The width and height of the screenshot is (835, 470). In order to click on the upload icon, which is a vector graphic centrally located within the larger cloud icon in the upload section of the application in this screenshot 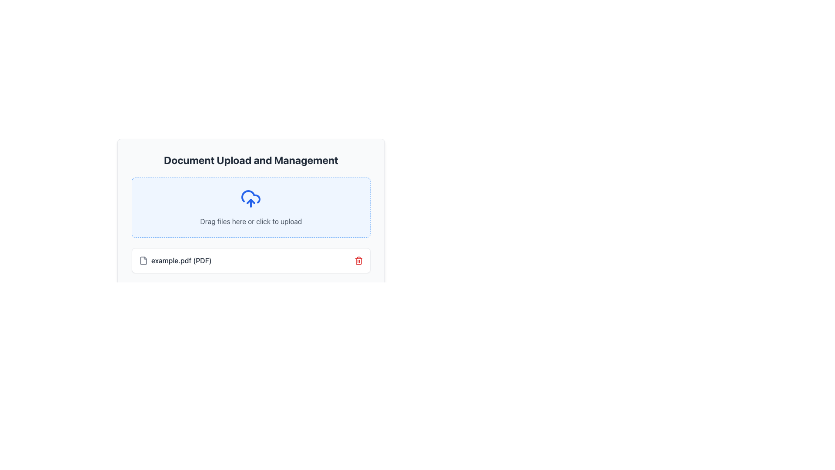, I will do `click(250, 201)`.